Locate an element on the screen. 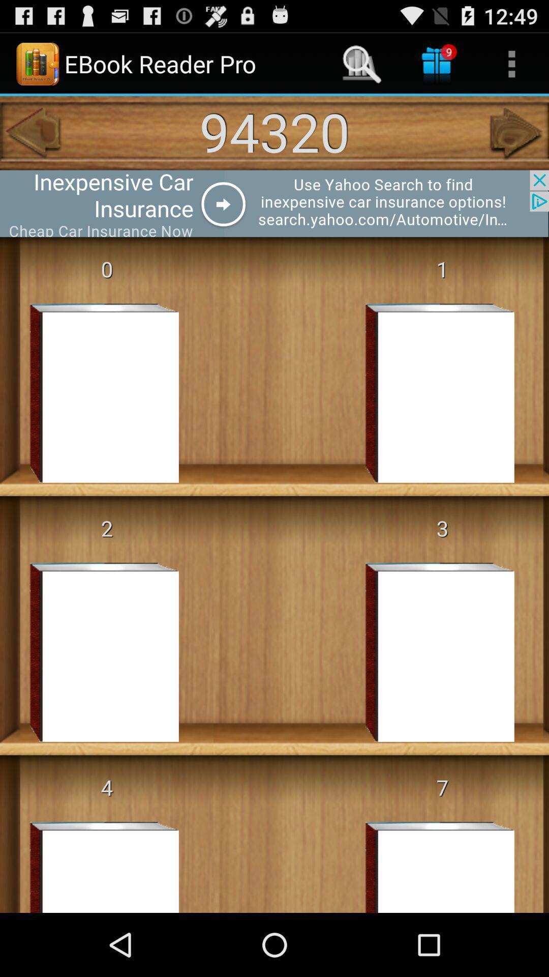  gifts at right side of search icon is located at coordinates (436, 63).